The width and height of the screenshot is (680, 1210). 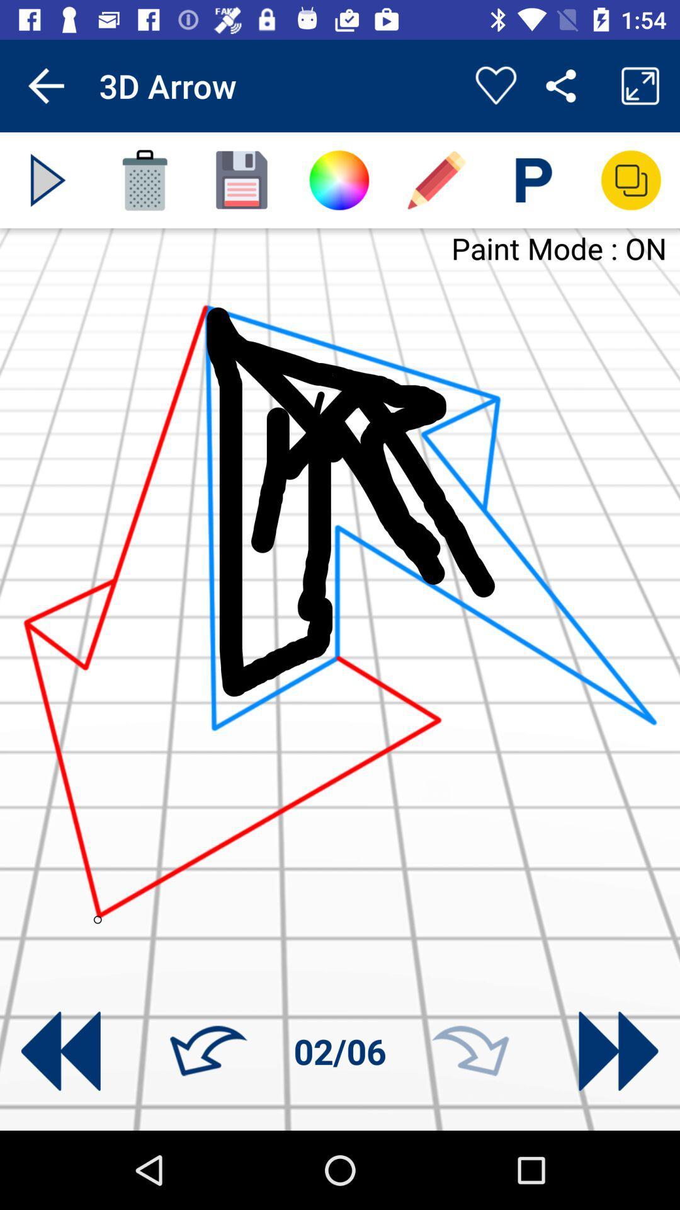 I want to click on delete icon, so click(x=144, y=180).